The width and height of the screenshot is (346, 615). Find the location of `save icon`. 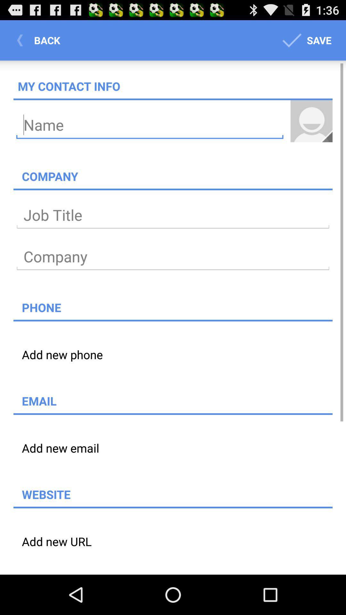

save icon is located at coordinates (305, 40).